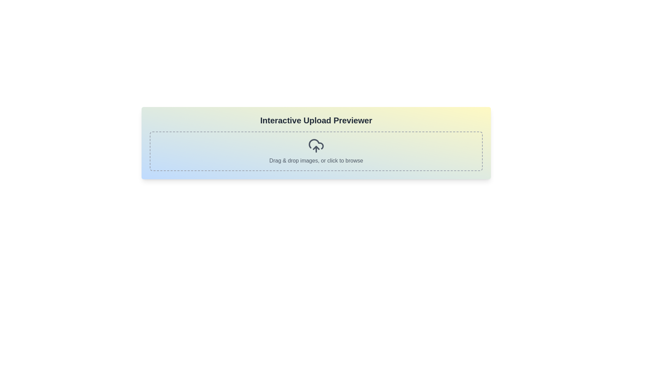  Describe the element at coordinates (316, 145) in the screenshot. I see `the file upload icon located centrally within the dashed box, above the text 'Drag & drop images, or click to browse.'` at that location.